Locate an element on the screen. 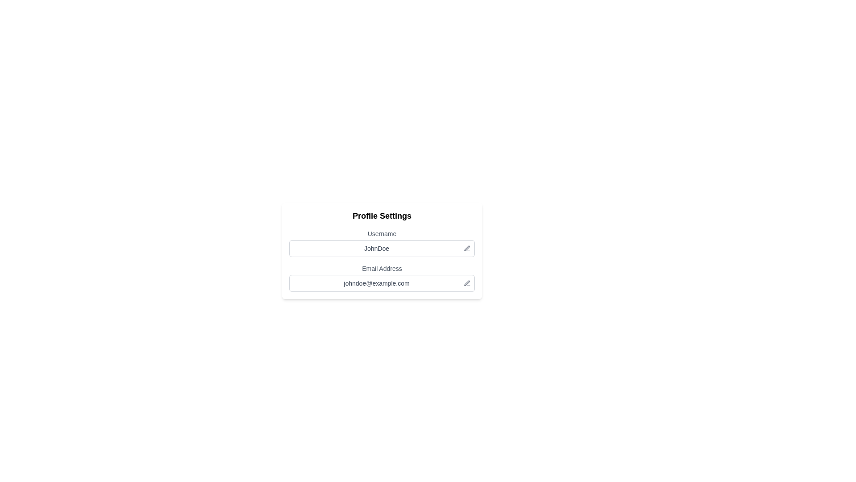  the static text label displaying the username 'JohnDoe', which is part of the profile configuration form is located at coordinates (376, 248).